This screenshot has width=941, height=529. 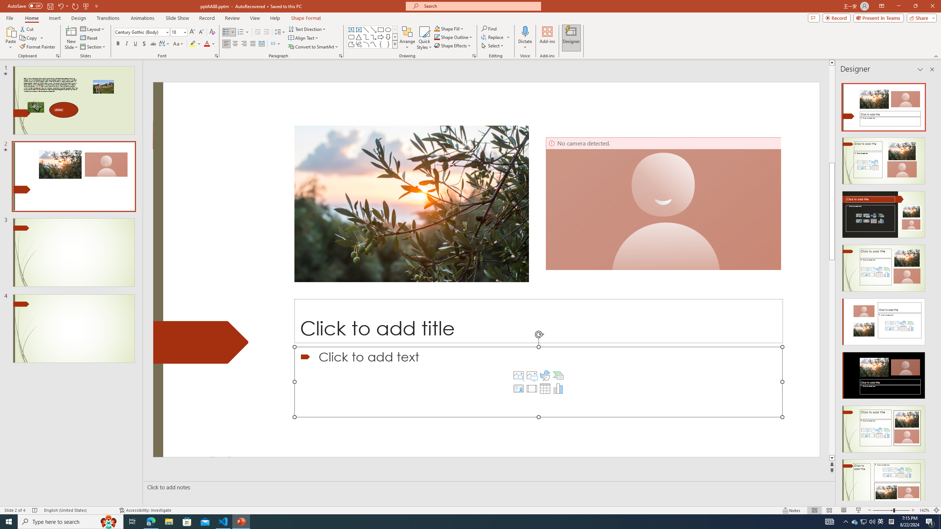 I want to click on 'Shadow', so click(x=144, y=43).